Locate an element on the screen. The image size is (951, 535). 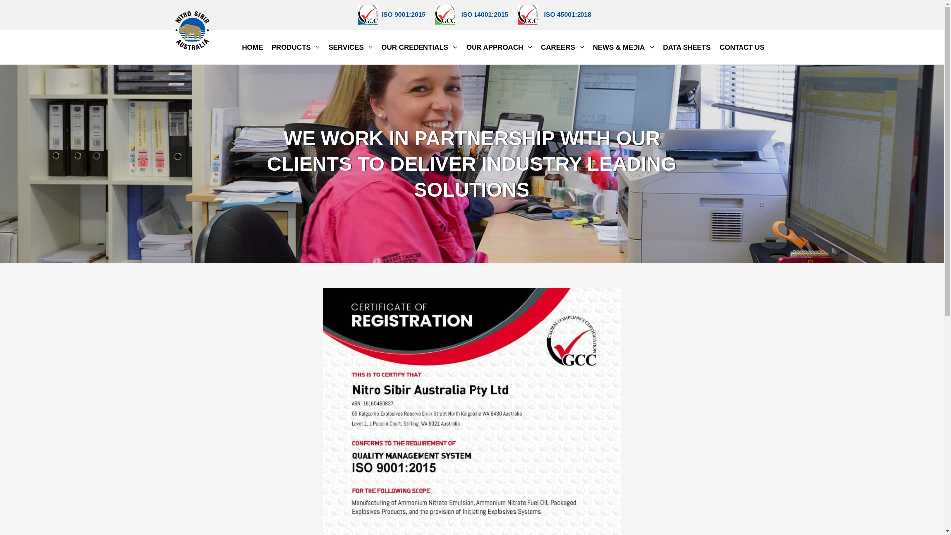
'OUR APPROACH' is located at coordinates (499, 47).